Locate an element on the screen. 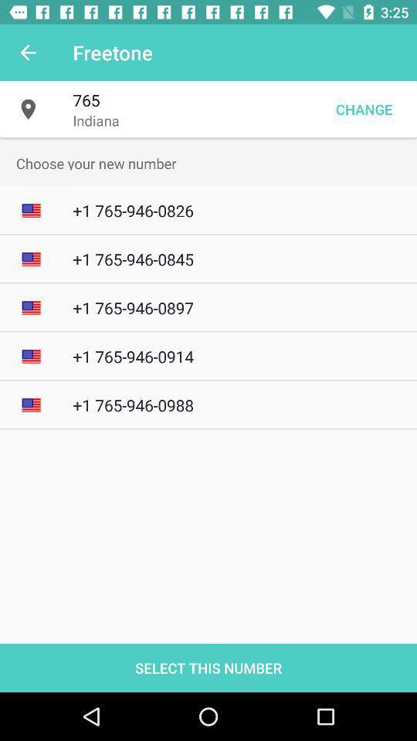 This screenshot has width=417, height=741. the change item is located at coordinates (364, 108).